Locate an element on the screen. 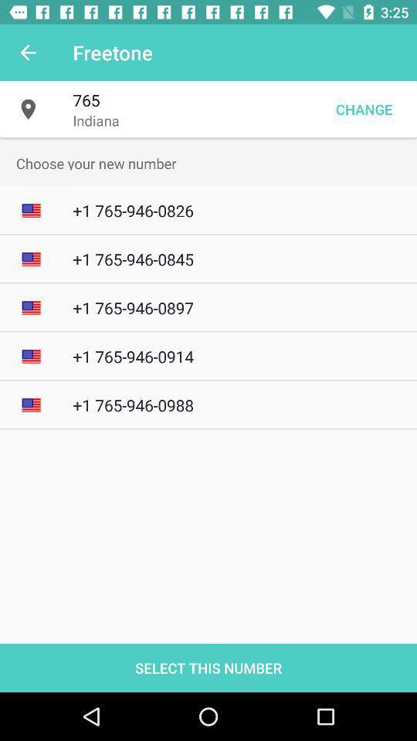 This screenshot has width=417, height=741. the change item is located at coordinates (364, 108).